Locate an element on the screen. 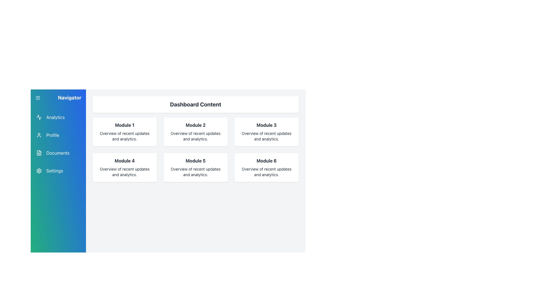 The width and height of the screenshot is (536, 301). the static informational text located under 'Module 1' within a white, rounded rectangle card in the top-left corner of the grid layout is located at coordinates (124, 136).